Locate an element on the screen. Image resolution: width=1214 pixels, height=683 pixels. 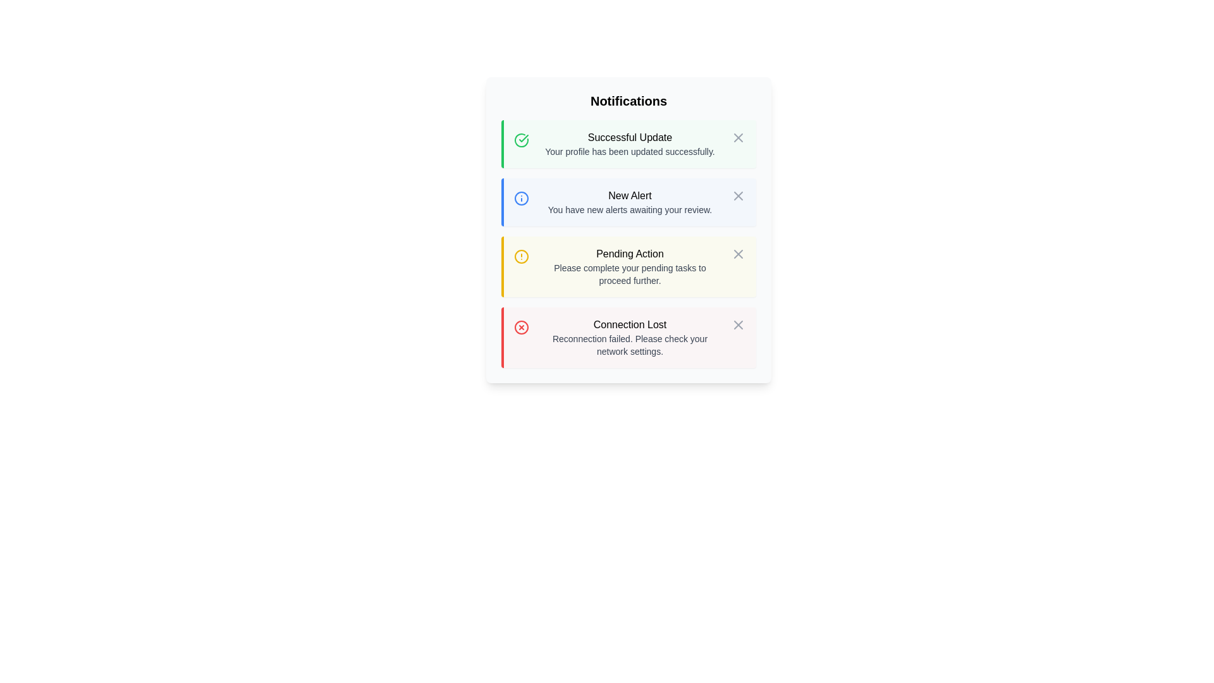
the informative notification card located in the third position of the notification list is located at coordinates (630, 266).